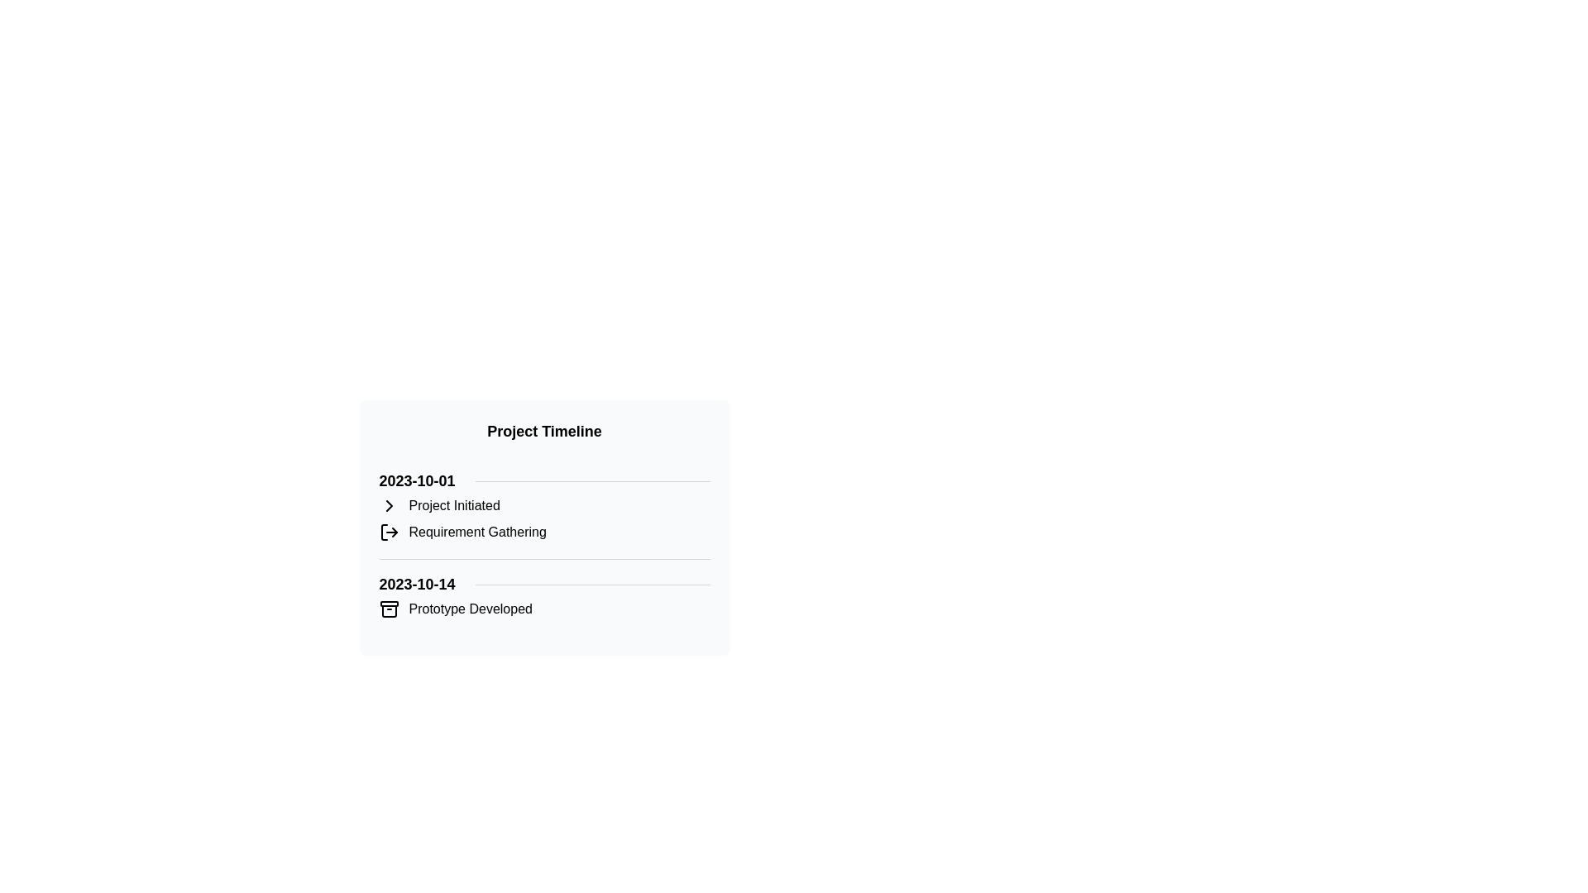 Image resolution: width=1588 pixels, height=893 pixels. Describe the element at coordinates (454, 505) in the screenshot. I see `the 'Project Initiated' text label in the timeline under the header '2023-10-01'` at that location.